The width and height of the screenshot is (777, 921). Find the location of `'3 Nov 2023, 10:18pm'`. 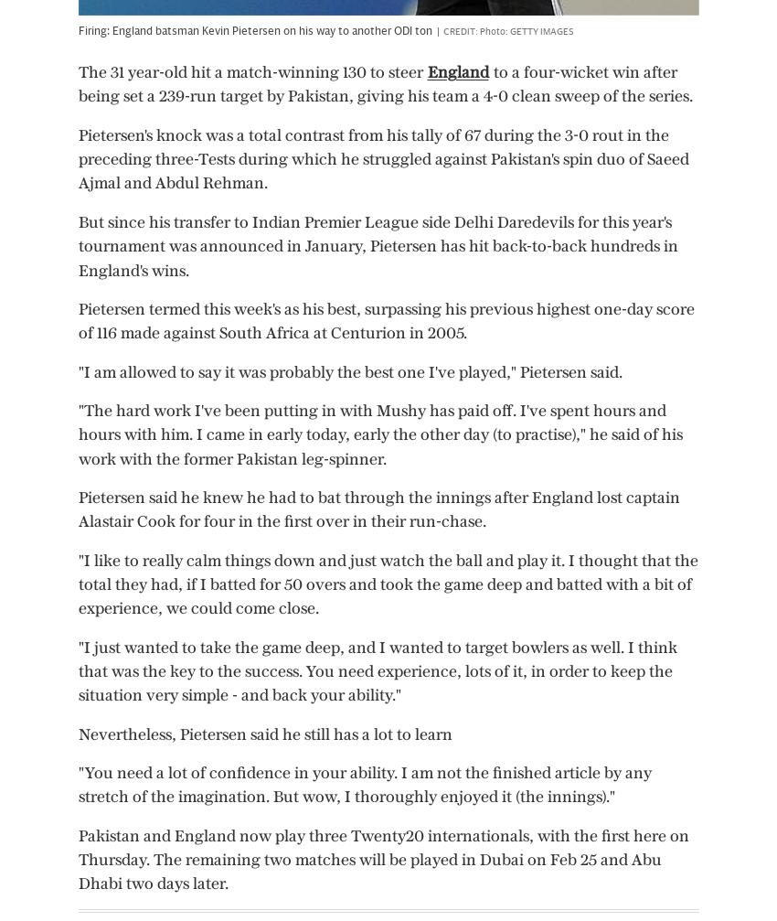

'3 Nov 2023, 10:18pm' is located at coordinates (319, 605).